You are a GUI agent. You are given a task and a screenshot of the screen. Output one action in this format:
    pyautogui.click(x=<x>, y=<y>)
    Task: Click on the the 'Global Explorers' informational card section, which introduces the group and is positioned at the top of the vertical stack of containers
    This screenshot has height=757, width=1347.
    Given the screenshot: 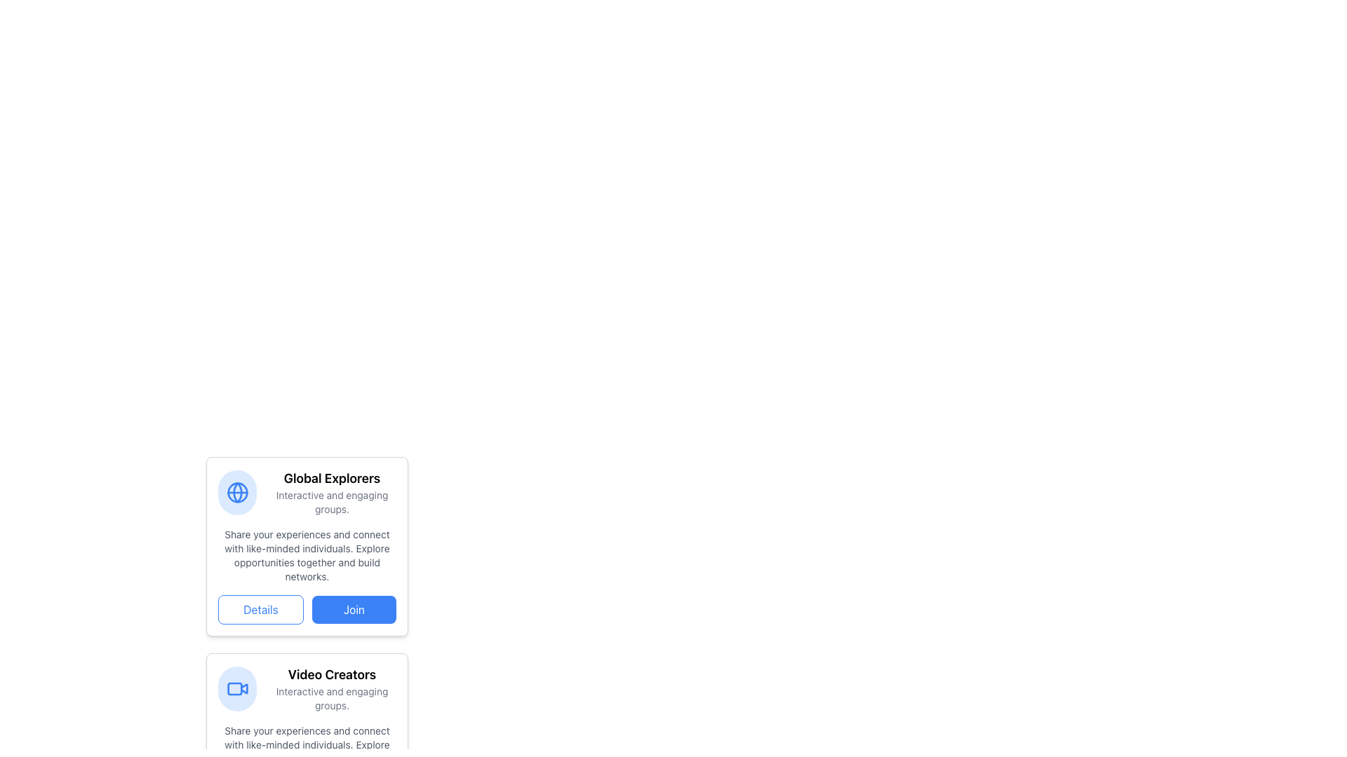 What is the action you would take?
    pyautogui.click(x=306, y=491)
    